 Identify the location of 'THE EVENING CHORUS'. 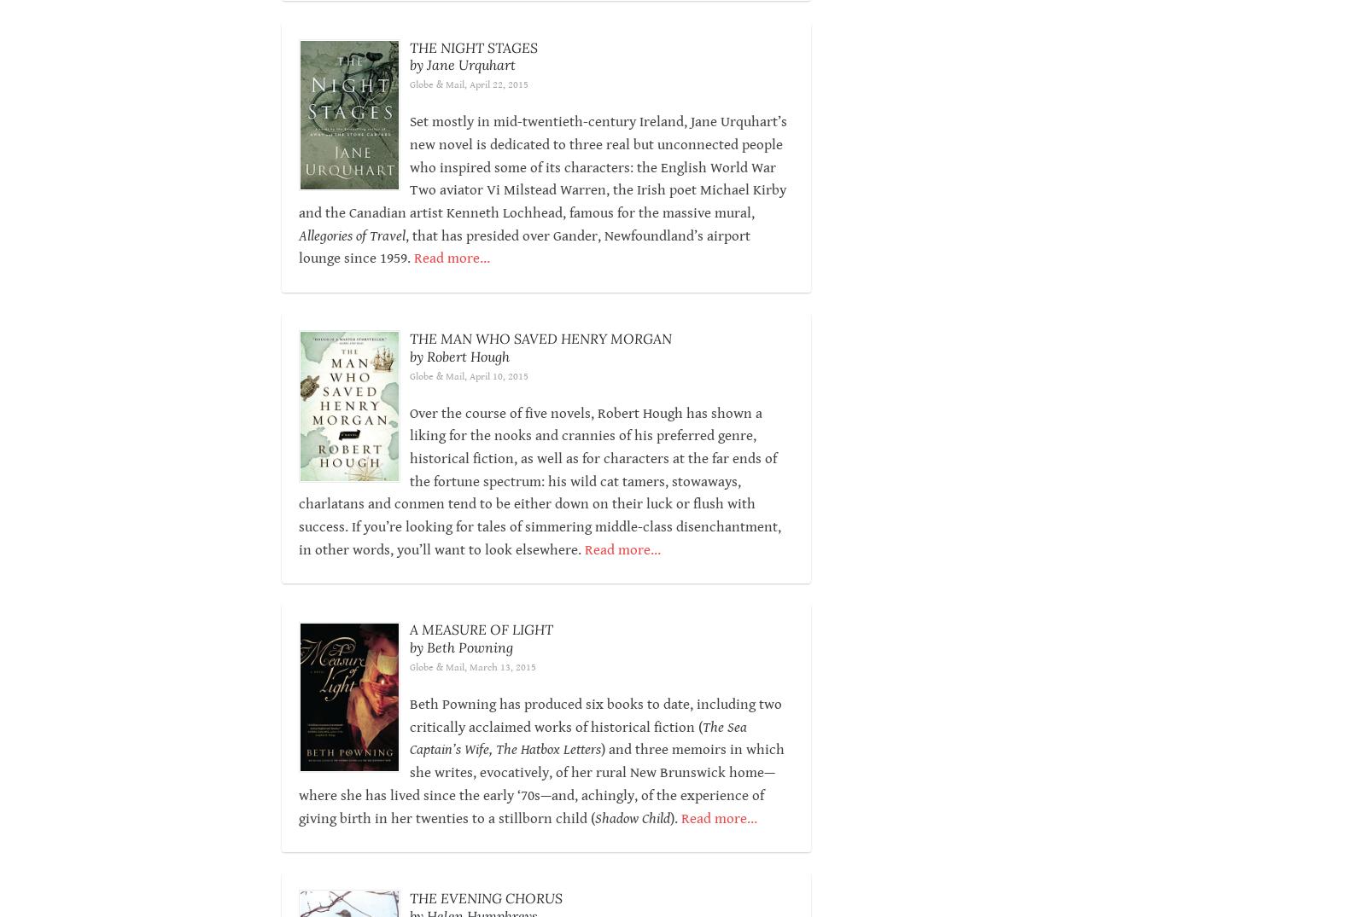
(484, 897).